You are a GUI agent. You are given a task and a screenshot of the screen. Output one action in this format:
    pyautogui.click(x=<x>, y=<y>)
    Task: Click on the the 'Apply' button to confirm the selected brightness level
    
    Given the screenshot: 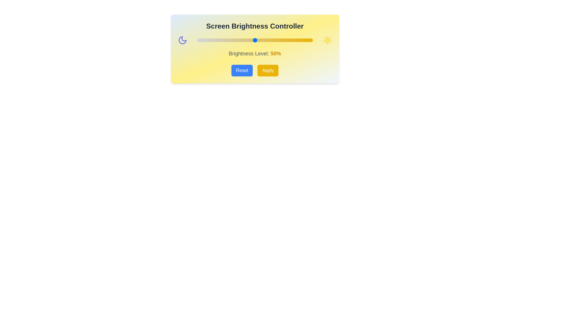 What is the action you would take?
    pyautogui.click(x=268, y=70)
    